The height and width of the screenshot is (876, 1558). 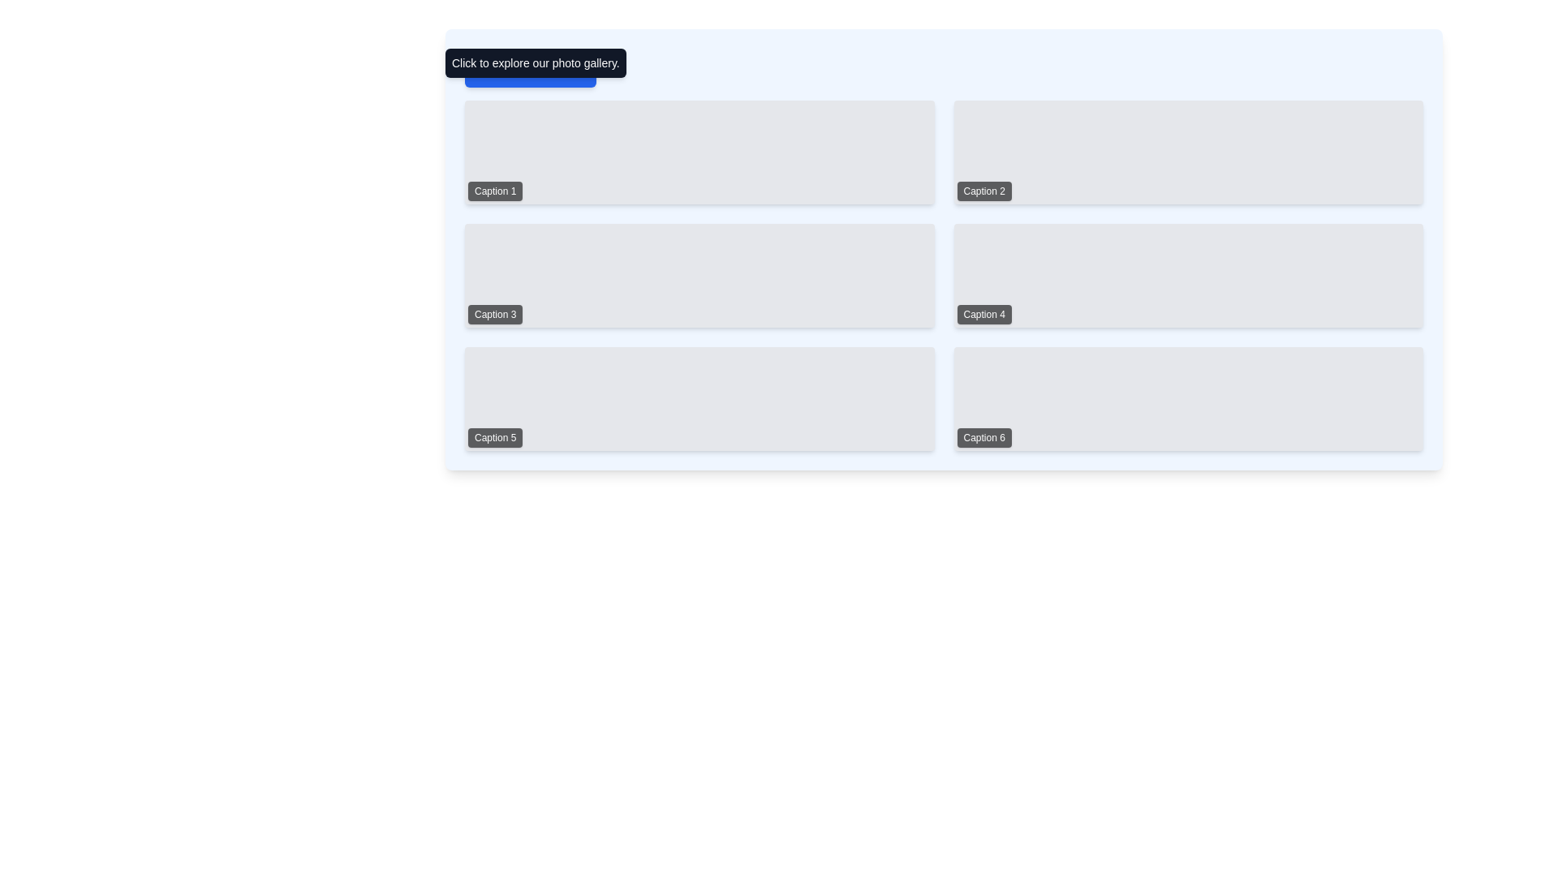 What do you see at coordinates (494, 438) in the screenshot?
I see `the Text Label displaying 'Caption 5', which has a black background and white text, located in the bottom-left corner of the fifth grid cell` at bounding box center [494, 438].